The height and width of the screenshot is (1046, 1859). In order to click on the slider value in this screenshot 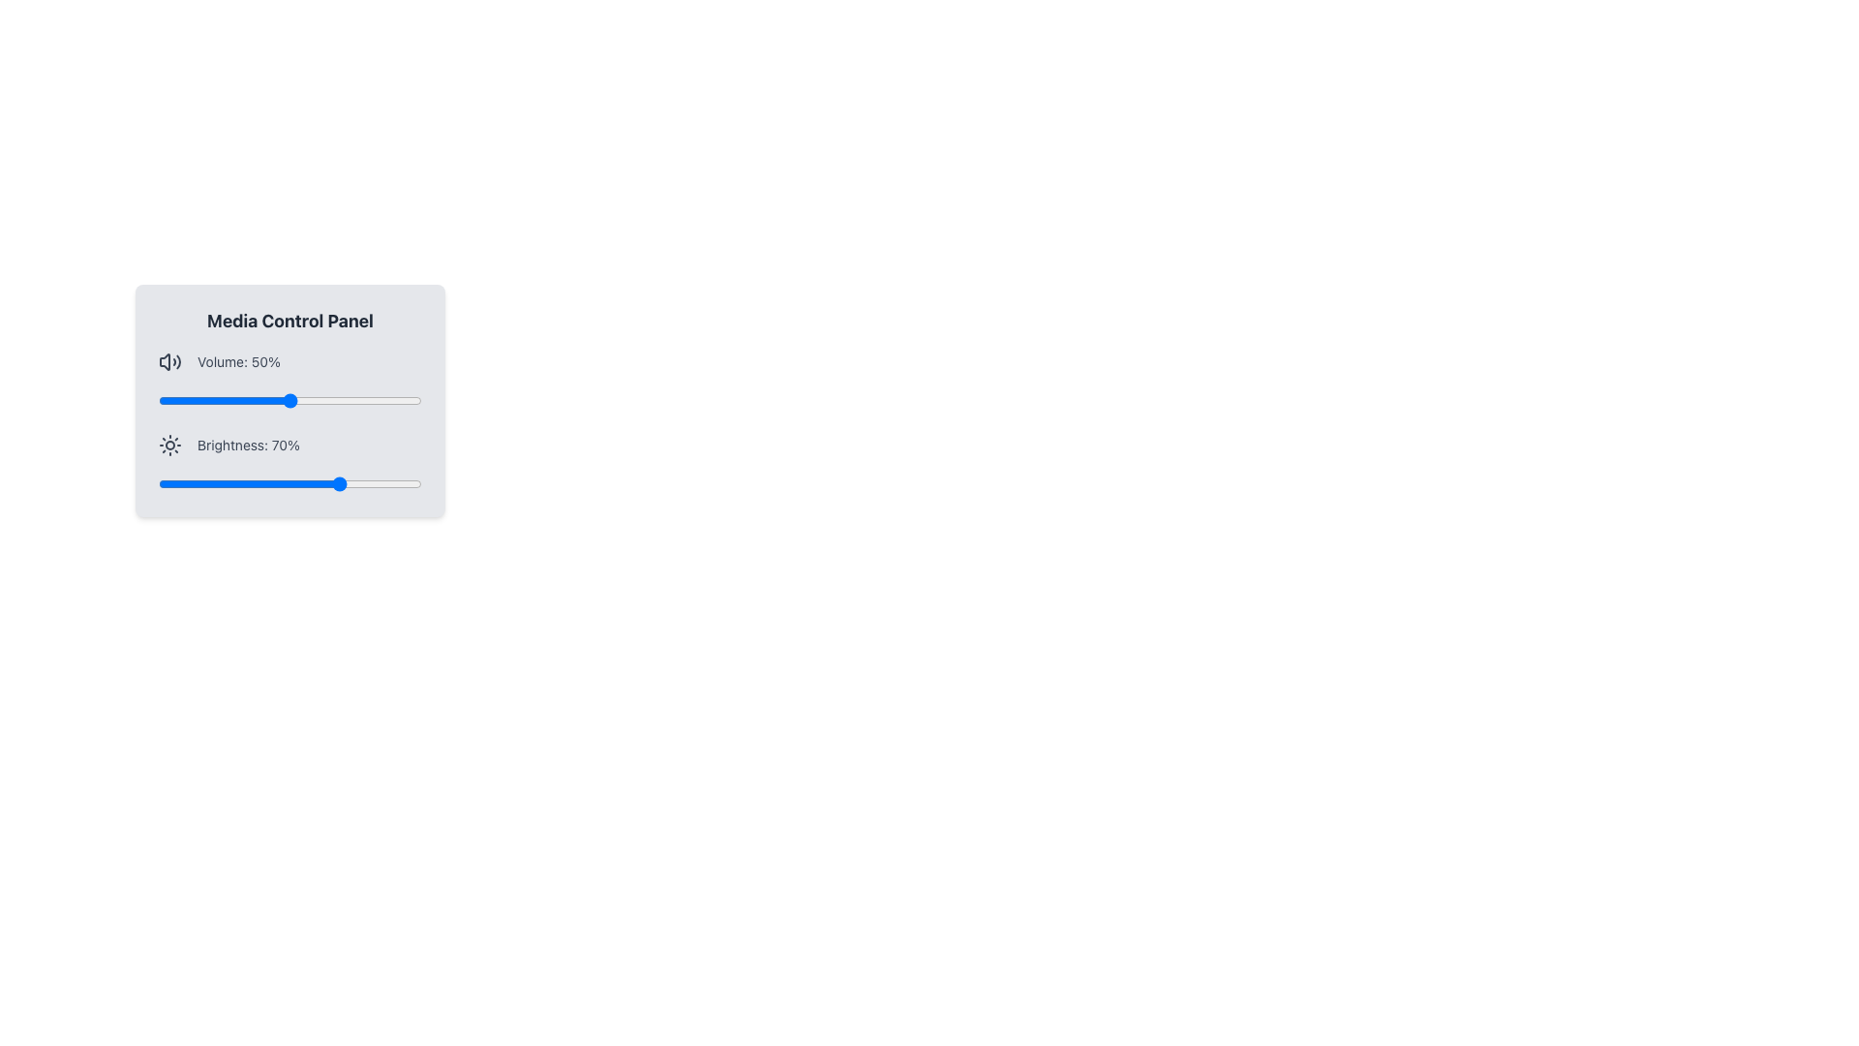, I will do `click(224, 399)`.